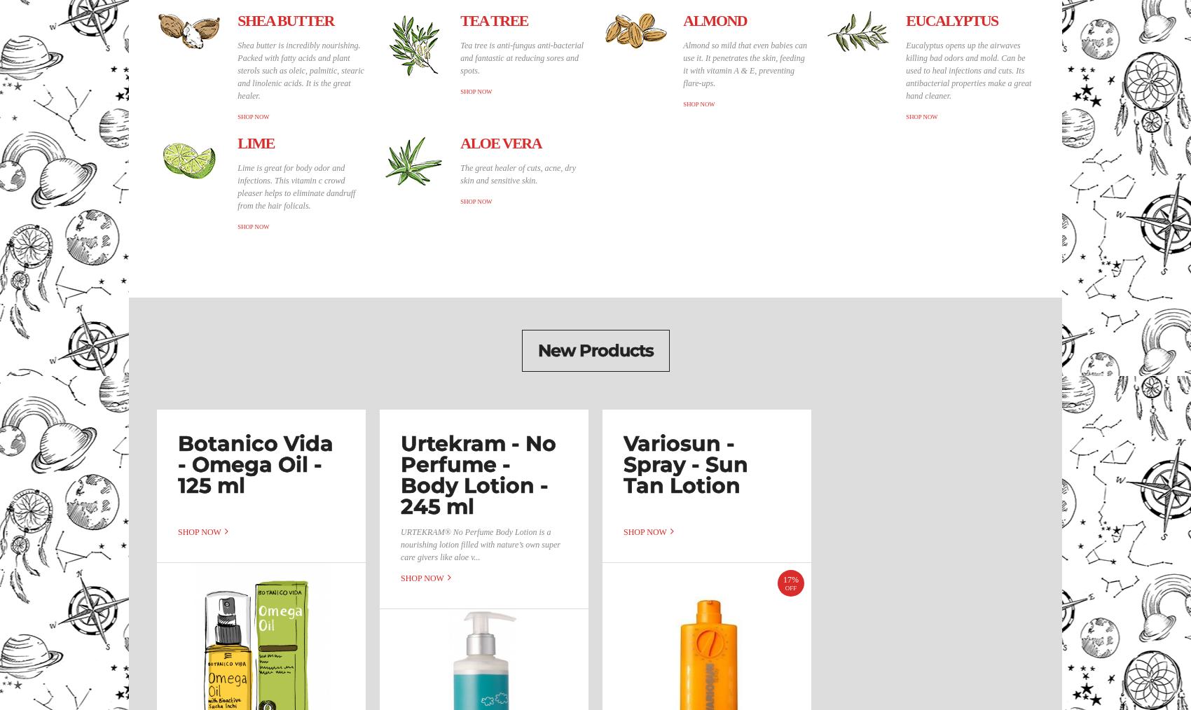 The height and width of the screenshot is (710, 1191). Describe the element at coordinates (518, 173) in the screenshot. I see `'The great healer of cuts, acne, dry skin and sensitive skin.'` at that location.